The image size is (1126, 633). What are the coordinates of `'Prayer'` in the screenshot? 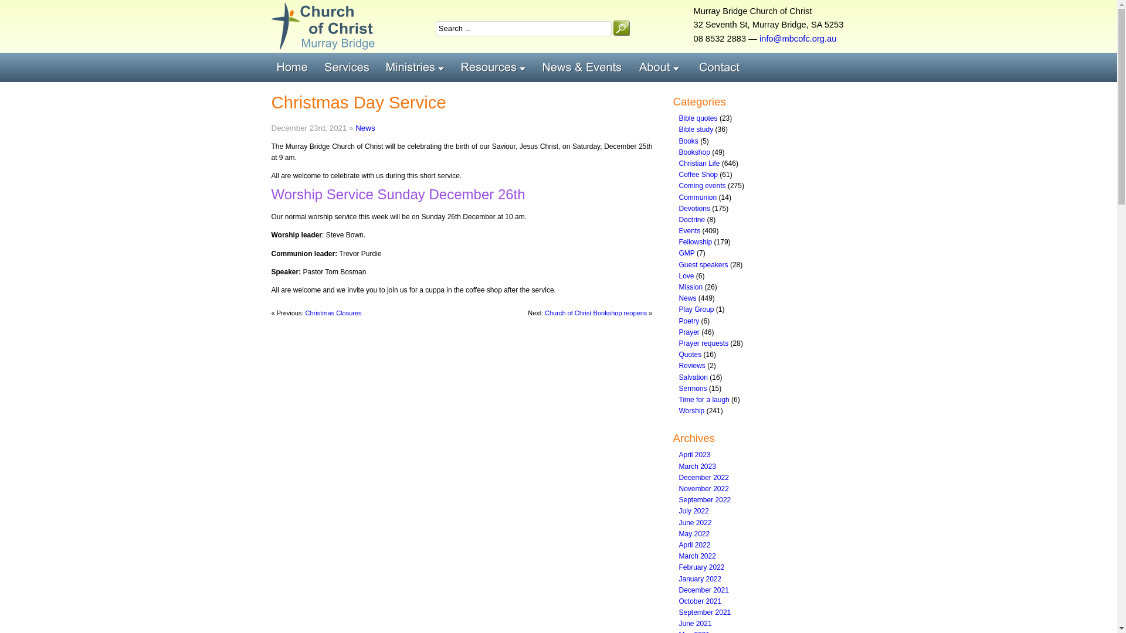 It's located at (689, 332).